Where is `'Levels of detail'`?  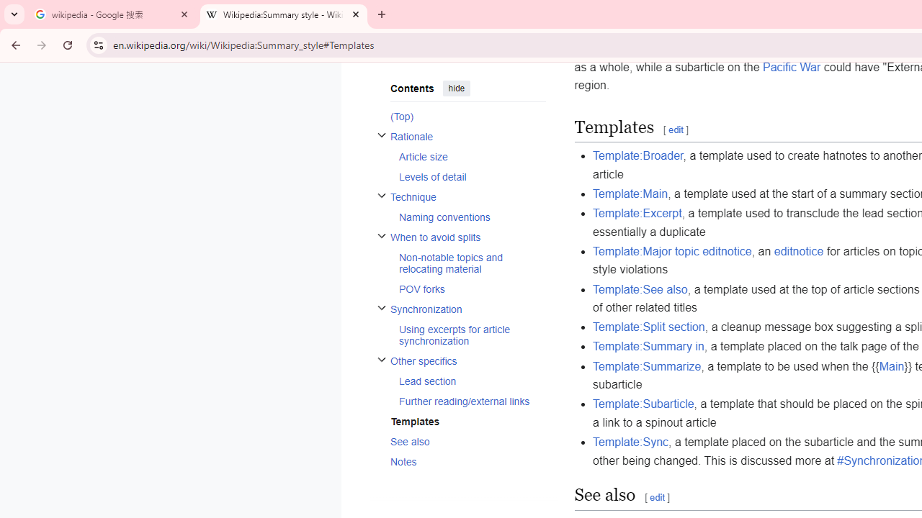 'Levels of detail' is located at coordinates (472, 176).